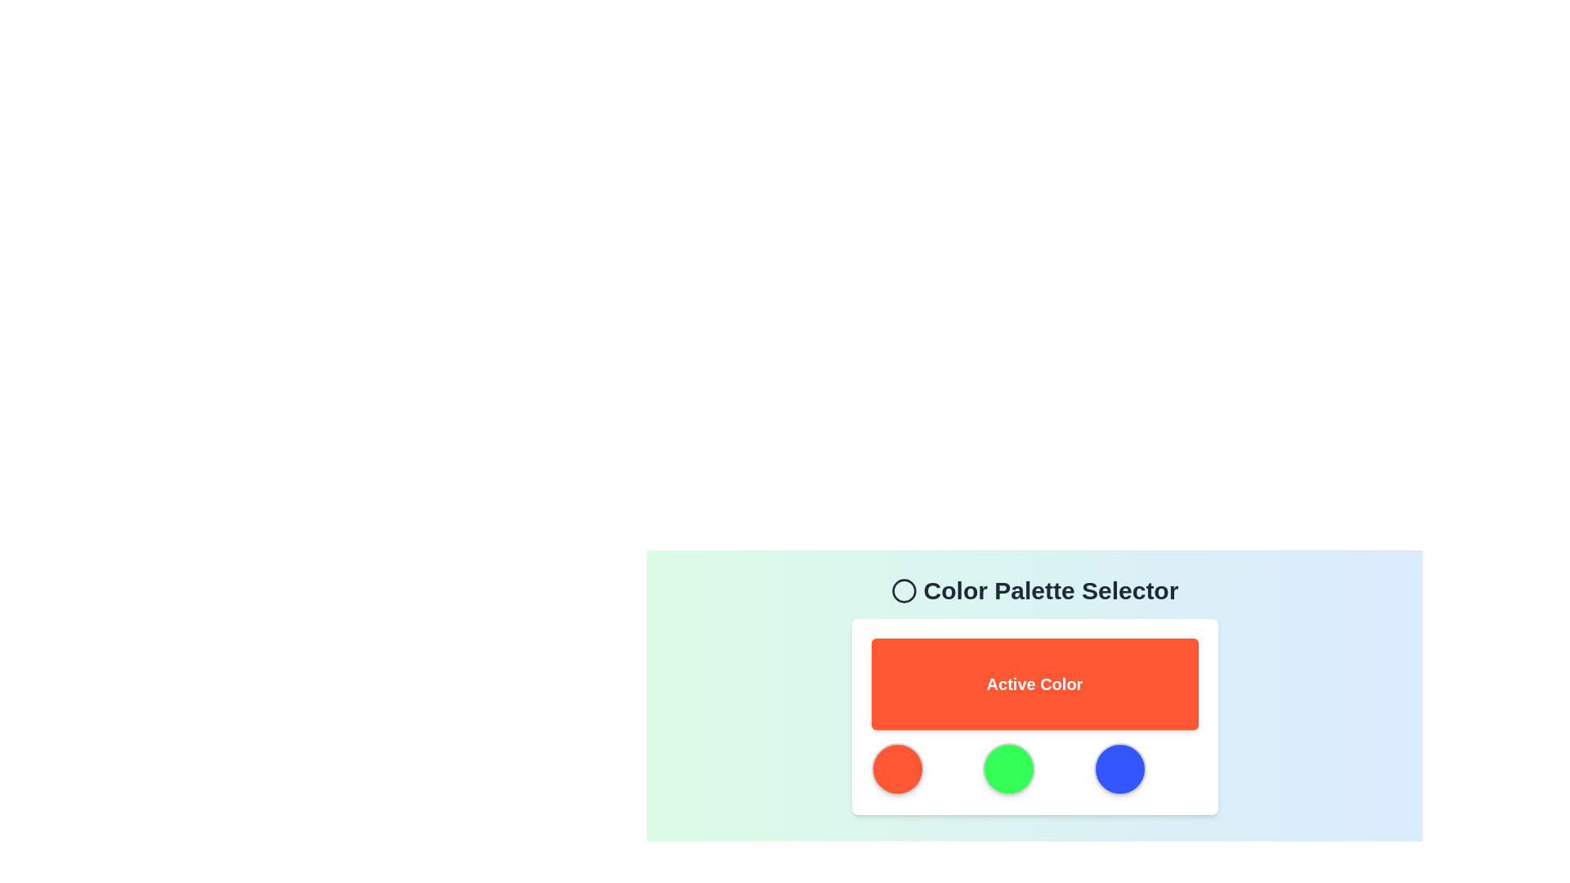 The width and height of the screenshot is (1570, 883). I want to click on the second circular button for color selection to choose green as the active color, so click(1007, 769).